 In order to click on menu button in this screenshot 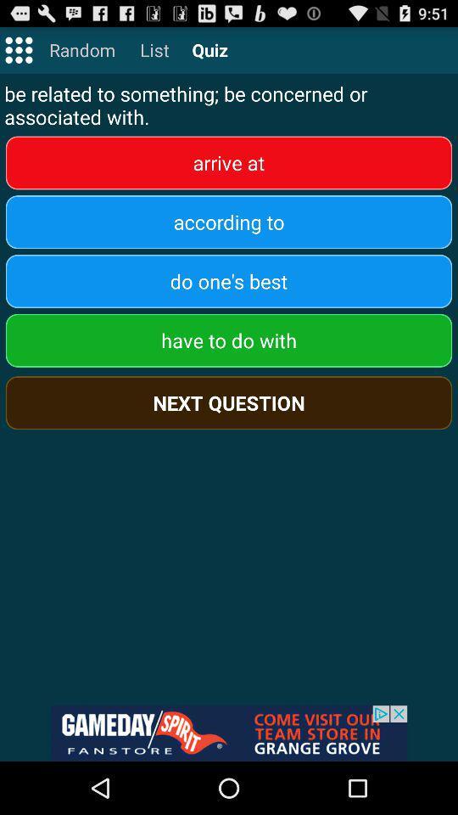, I will do `click(18, 49)`.